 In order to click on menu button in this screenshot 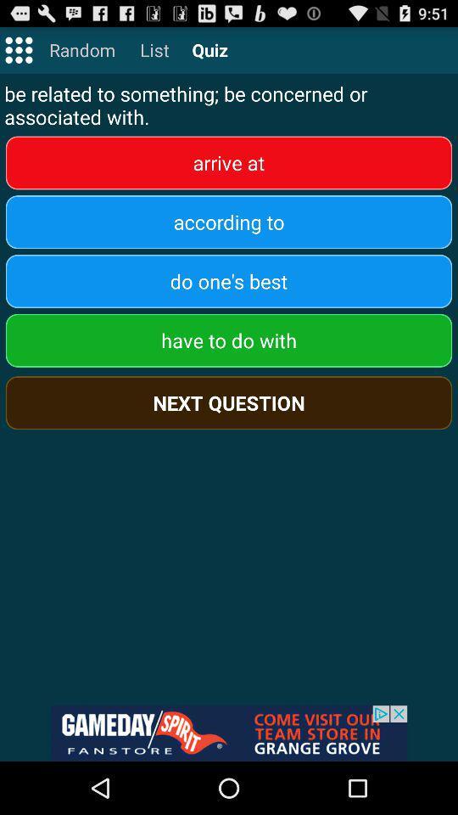, I will do `click(18, 49)`.